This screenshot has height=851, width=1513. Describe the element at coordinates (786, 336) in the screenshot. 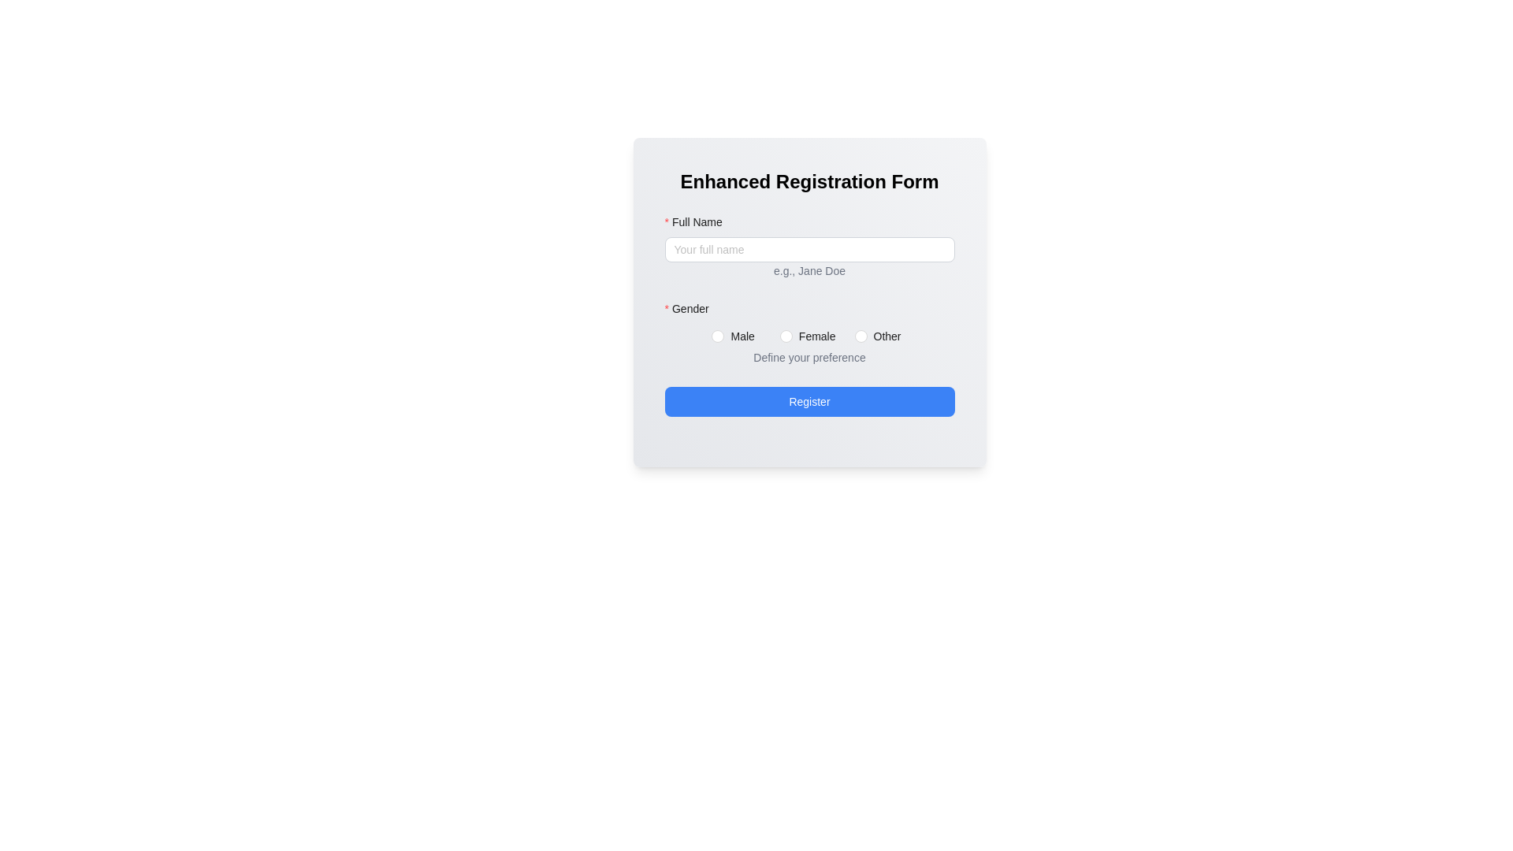

I see `the radio button labeled 'Female' under the 'Gender' section` at that location.